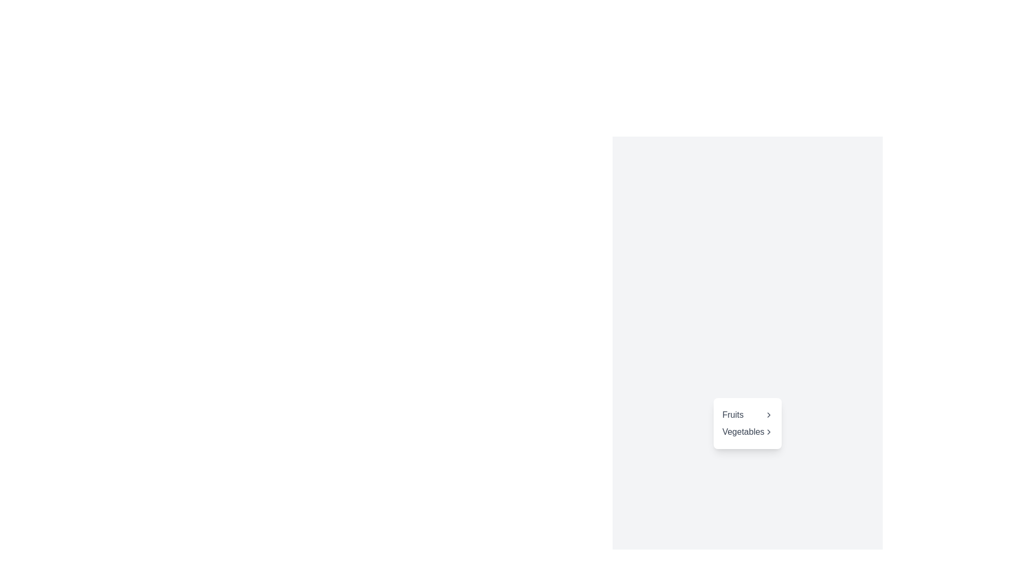  I want to click on the chevron icon located to the right of the text 'Fruits', which serves as a visual indicator for navigation, so click(768, 414).